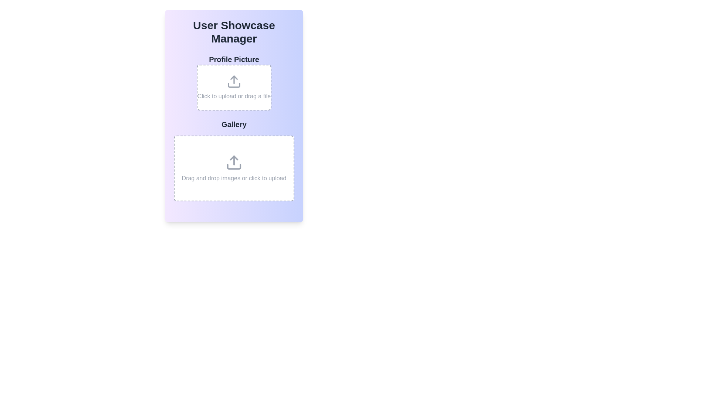 The image size is (710, 399). I want to click on and drop files onto the upload icon located in the Gallery section, which is centered within the dashed box labeled 'Drag and drop images or click, so click(234, 162).